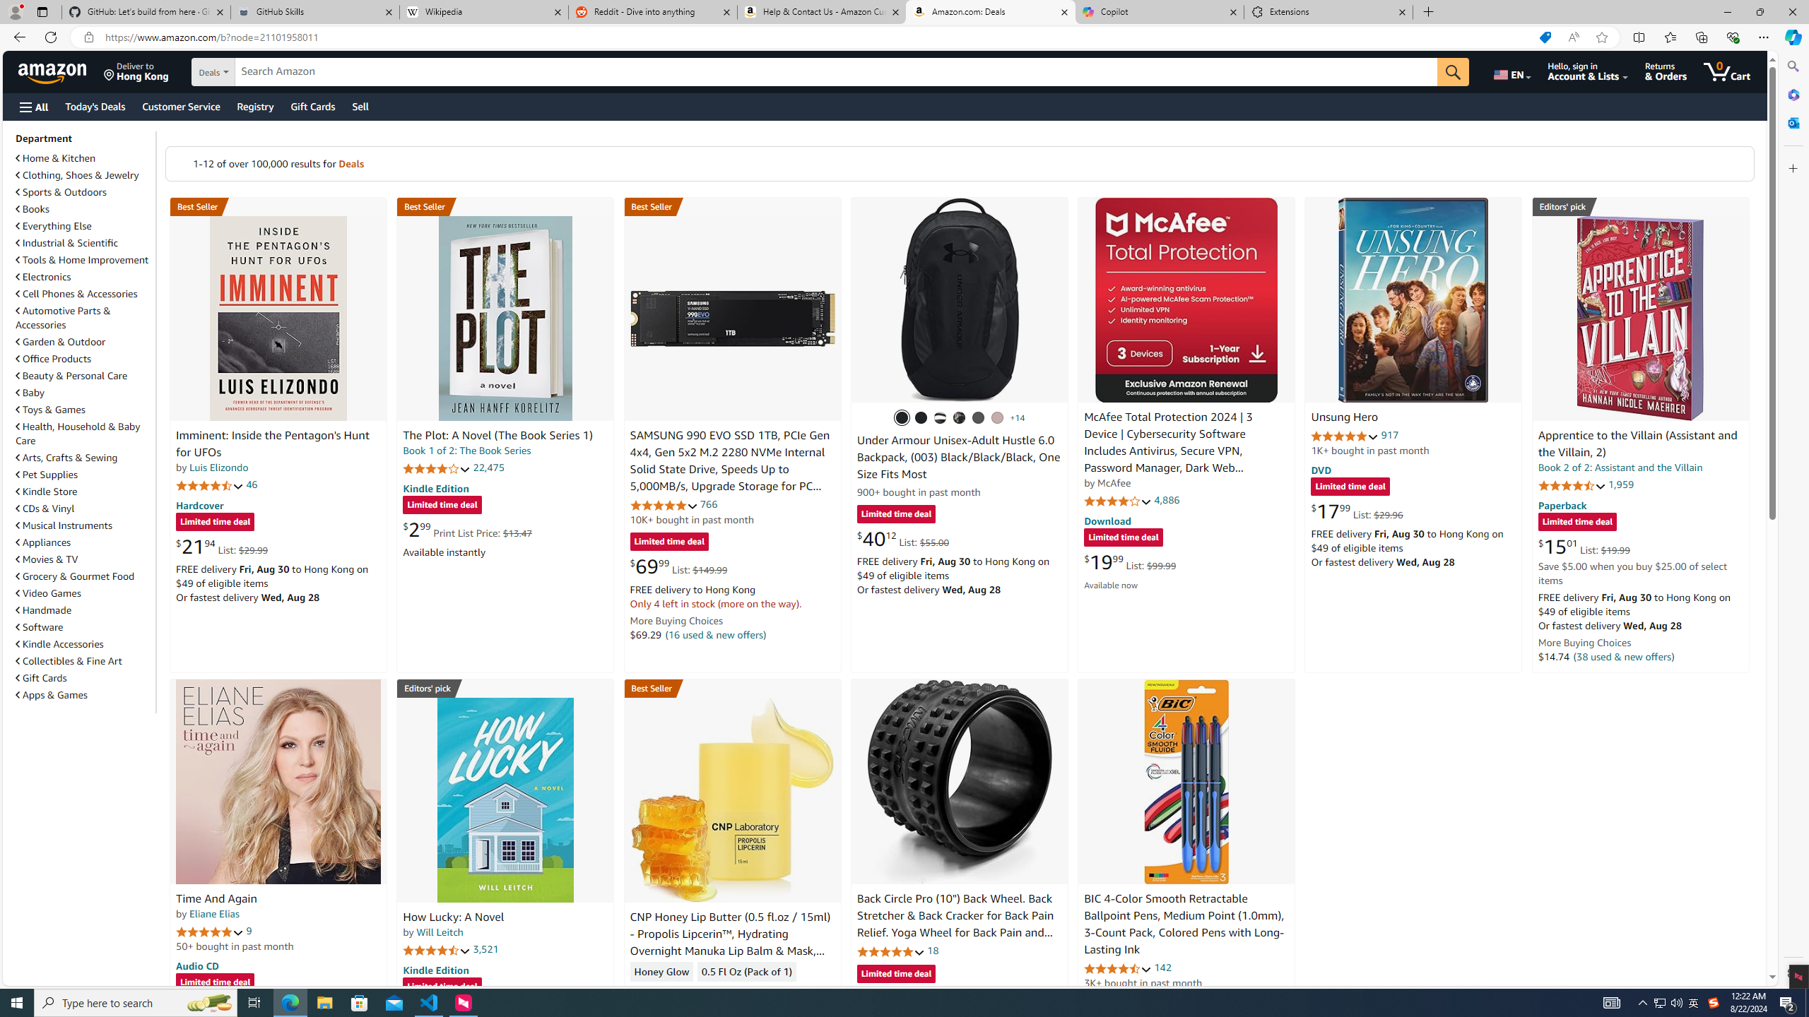 The width and height of the screenshot is (1809, 1017). Describe the element at coordinates (83, 208) in the screenshot. I see `'Books'` at that location.